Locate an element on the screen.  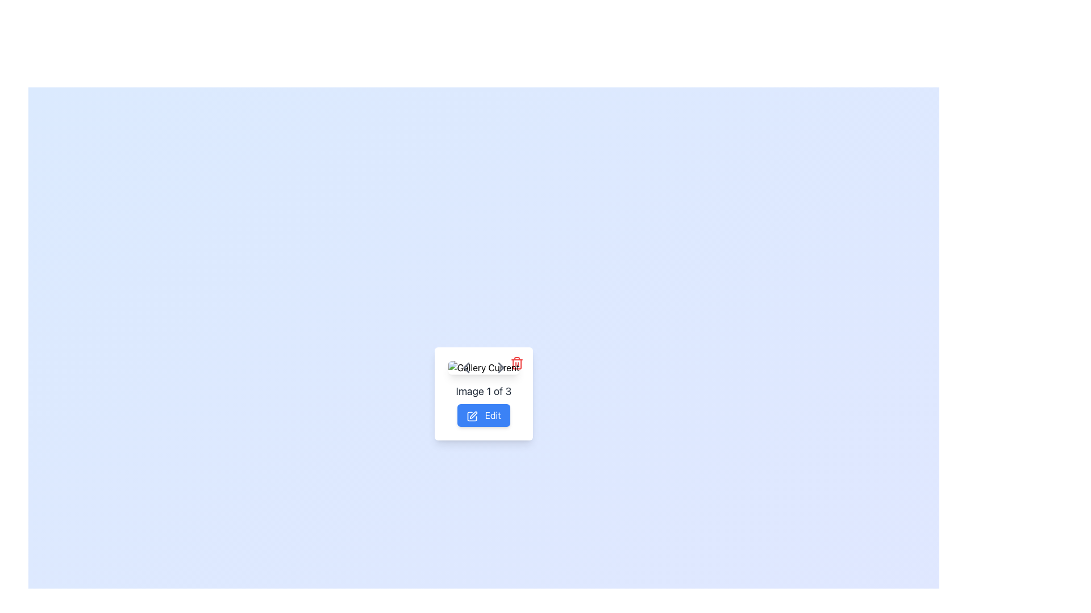
the right-facing chevron navigation icon located in the center-right area of the modal is located at coordinates (501, 368).